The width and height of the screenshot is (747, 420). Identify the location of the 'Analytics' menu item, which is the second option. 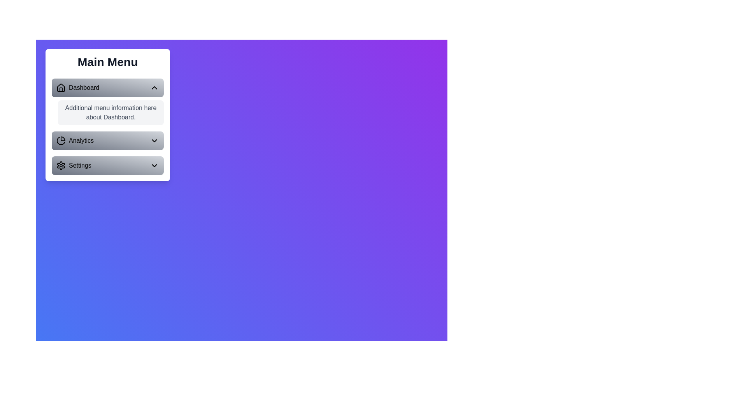
(75, 141).